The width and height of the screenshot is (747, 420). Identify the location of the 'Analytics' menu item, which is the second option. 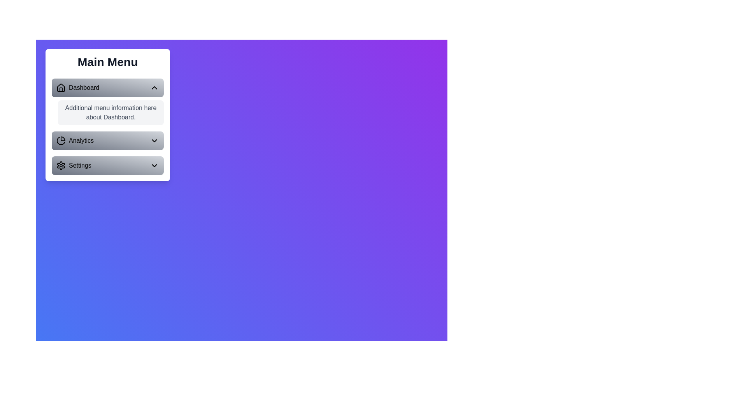
(75, 141).